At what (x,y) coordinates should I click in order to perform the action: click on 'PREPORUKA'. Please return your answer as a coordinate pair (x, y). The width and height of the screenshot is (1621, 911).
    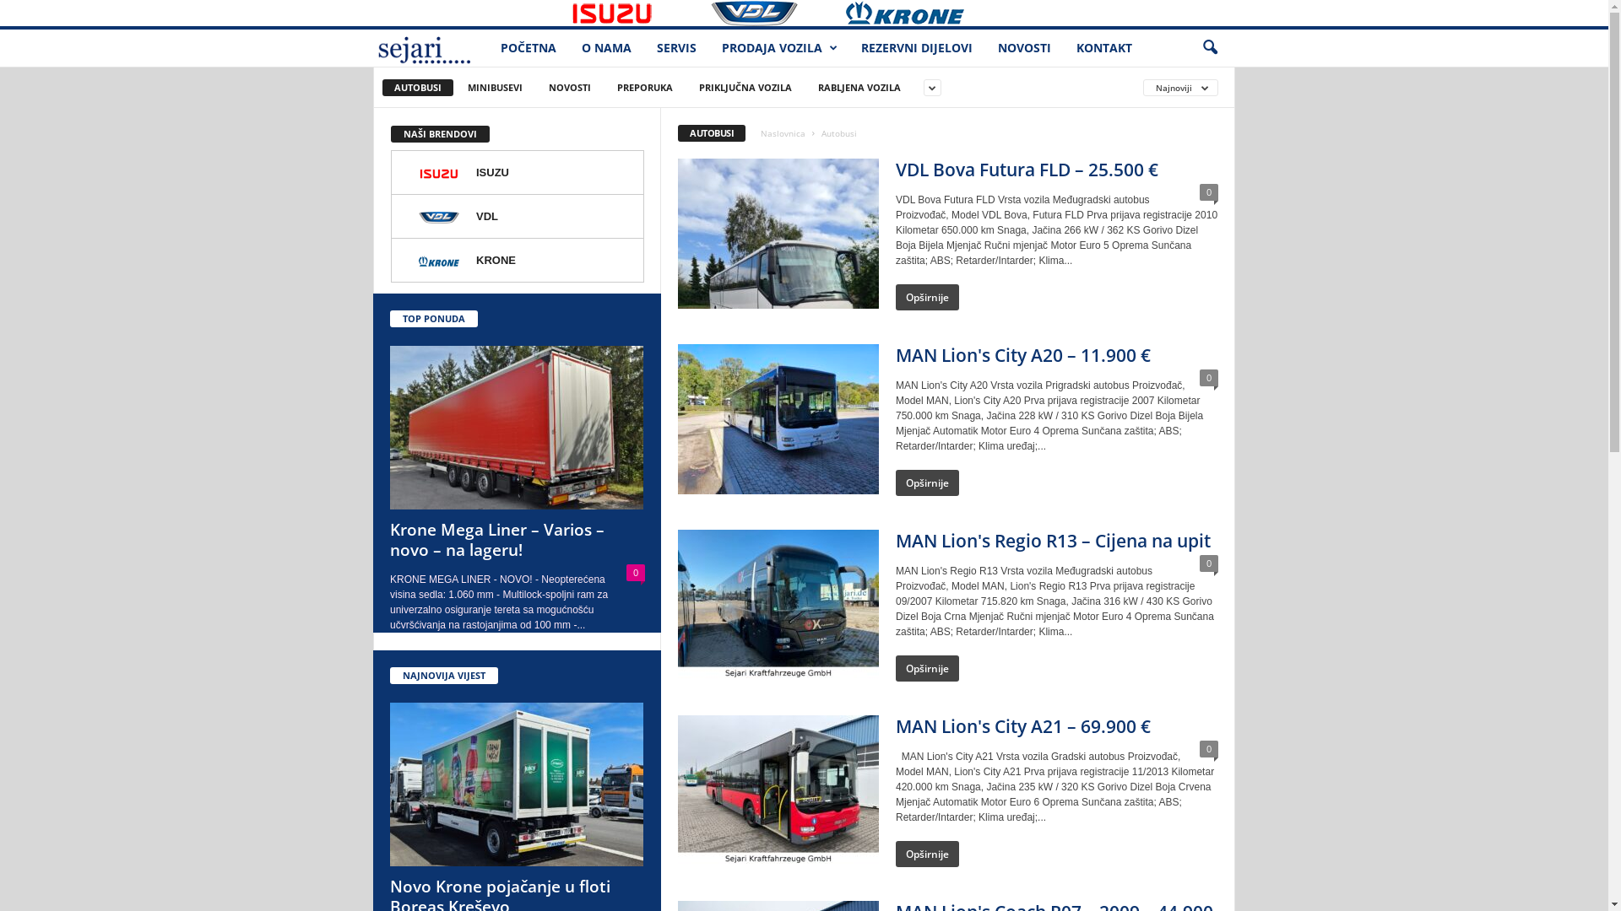
    Looking at the image, I should click on (643, 88).